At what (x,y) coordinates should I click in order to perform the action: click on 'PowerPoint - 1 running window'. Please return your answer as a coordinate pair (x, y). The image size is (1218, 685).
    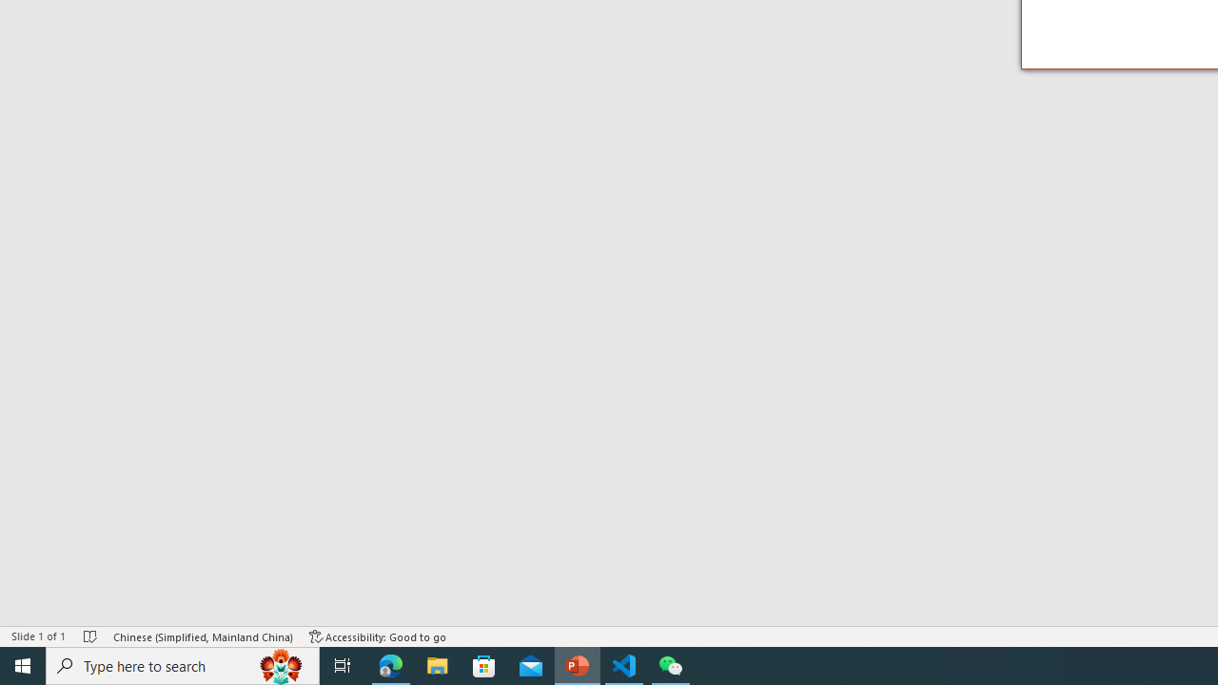
    Looking at the image, I should click on (577, 664).